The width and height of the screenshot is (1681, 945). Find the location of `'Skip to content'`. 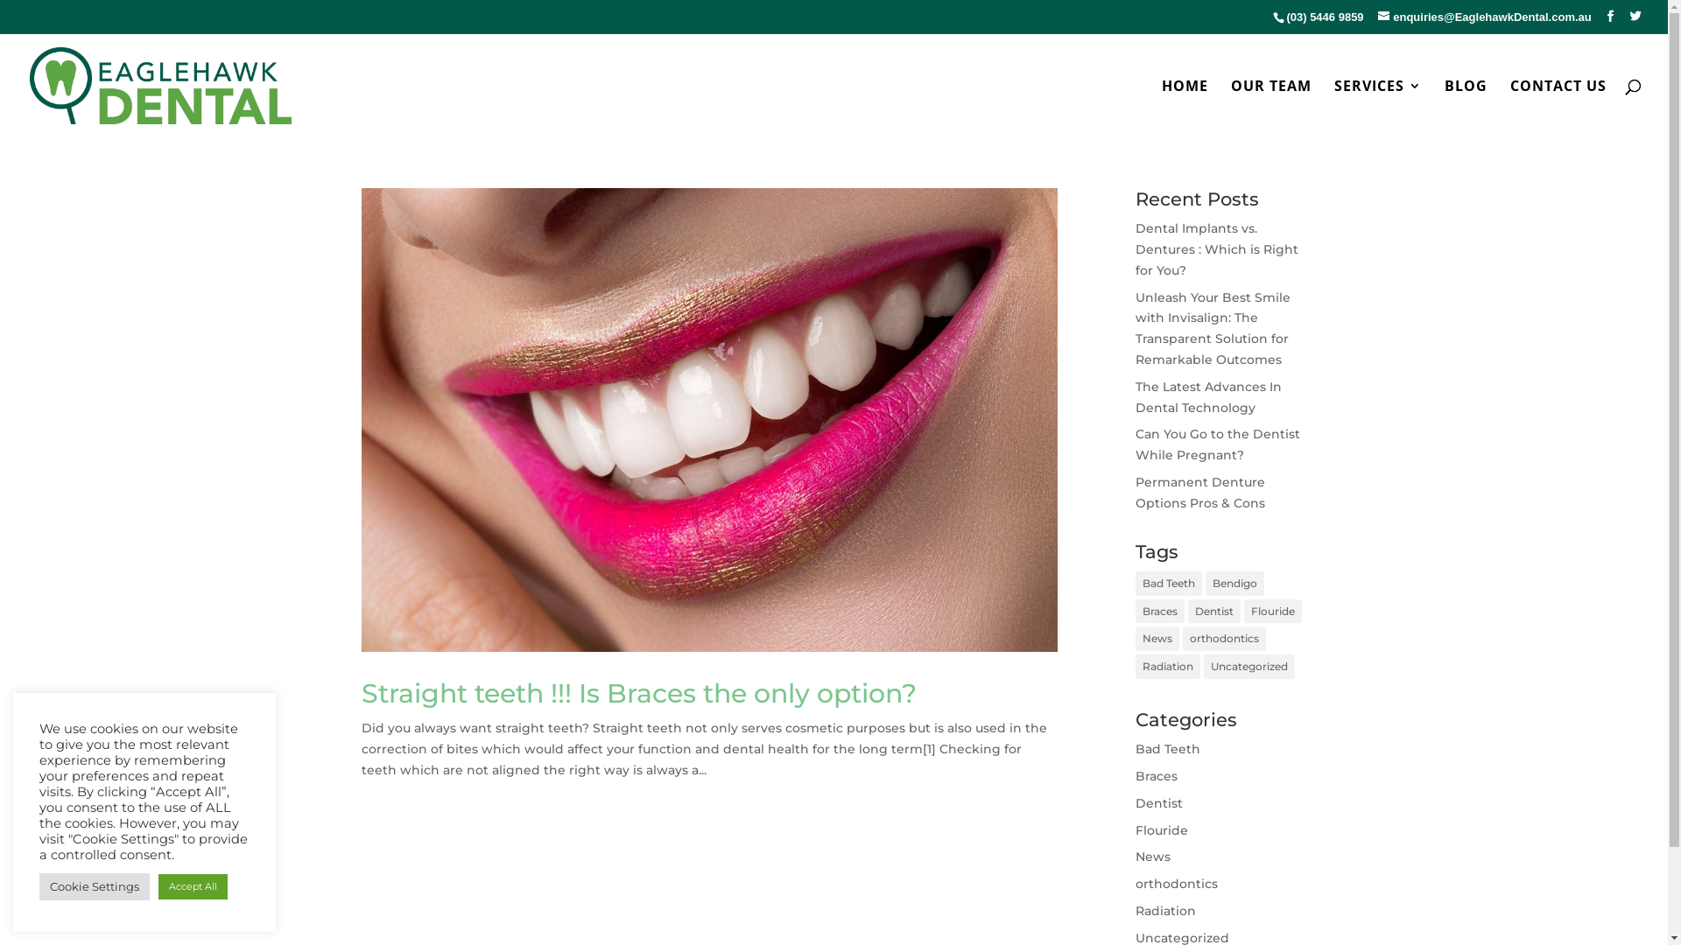

'Skip to content' is located at coordinates (0, 0).